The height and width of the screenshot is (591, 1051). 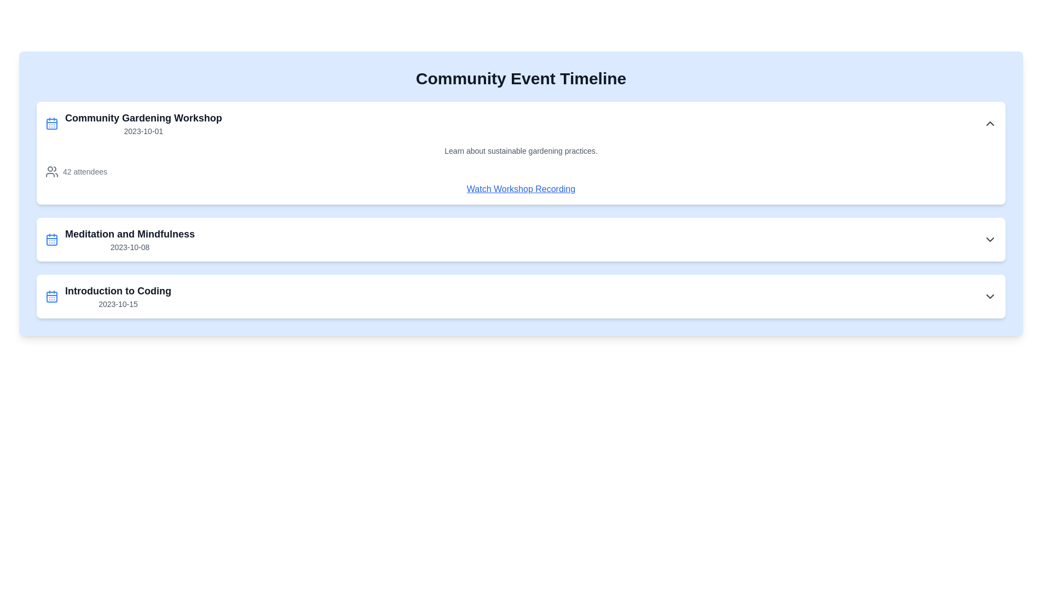 I want to click on the blue calendar icon with a grid-like design located to the left of the 'Meditation and Mindfulness' text in the second event section, so click(x=51, y=239).